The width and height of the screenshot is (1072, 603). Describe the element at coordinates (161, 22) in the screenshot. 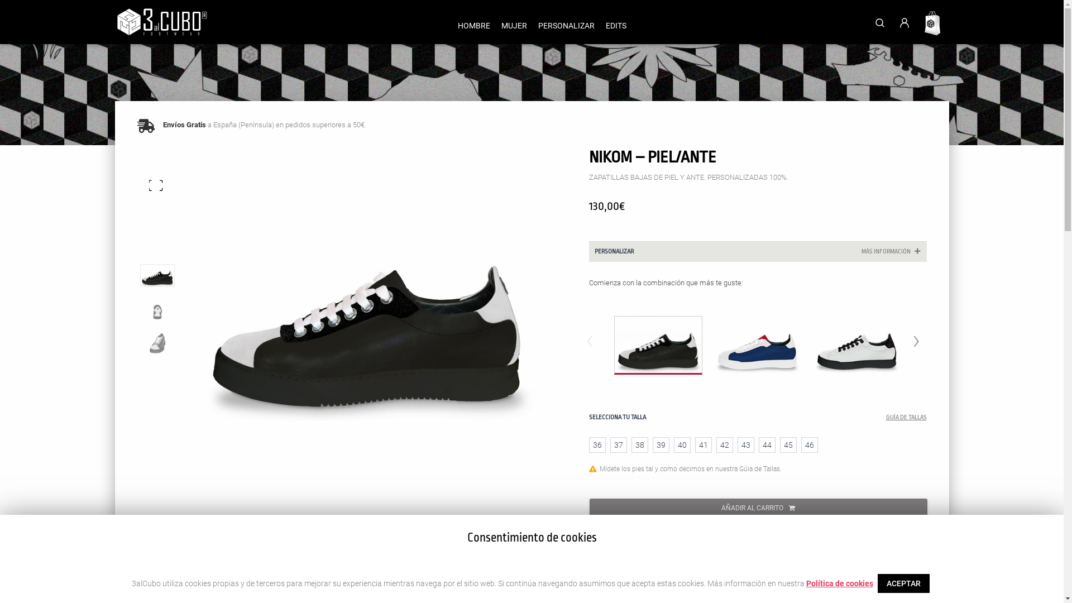

I see `'3alCUBO'` at that location.